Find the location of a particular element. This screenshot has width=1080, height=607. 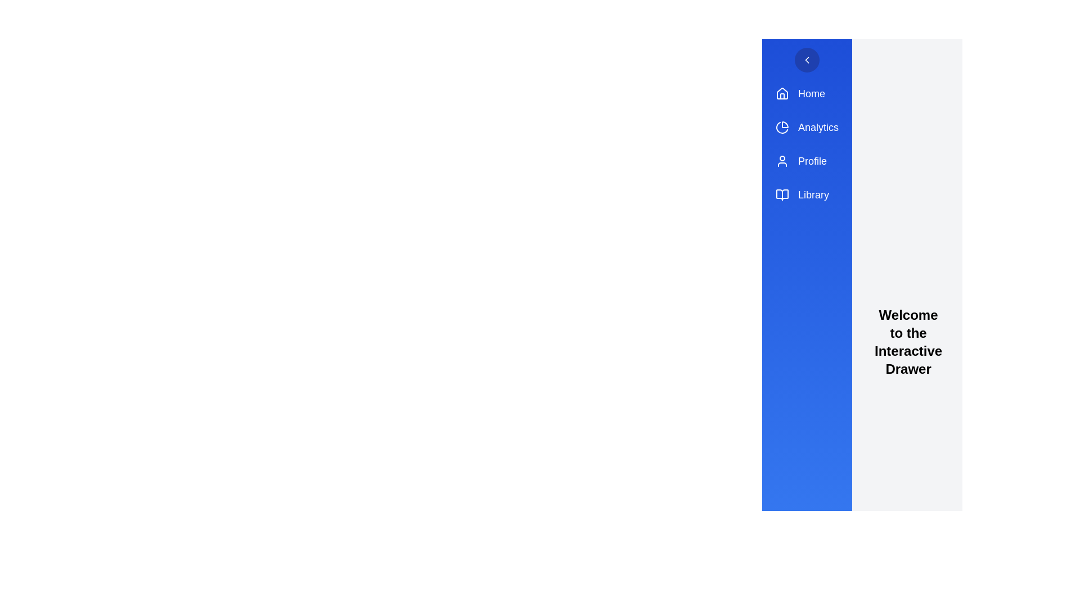

the menu item labeled Library to navigate is located at coordinates (807, 194).